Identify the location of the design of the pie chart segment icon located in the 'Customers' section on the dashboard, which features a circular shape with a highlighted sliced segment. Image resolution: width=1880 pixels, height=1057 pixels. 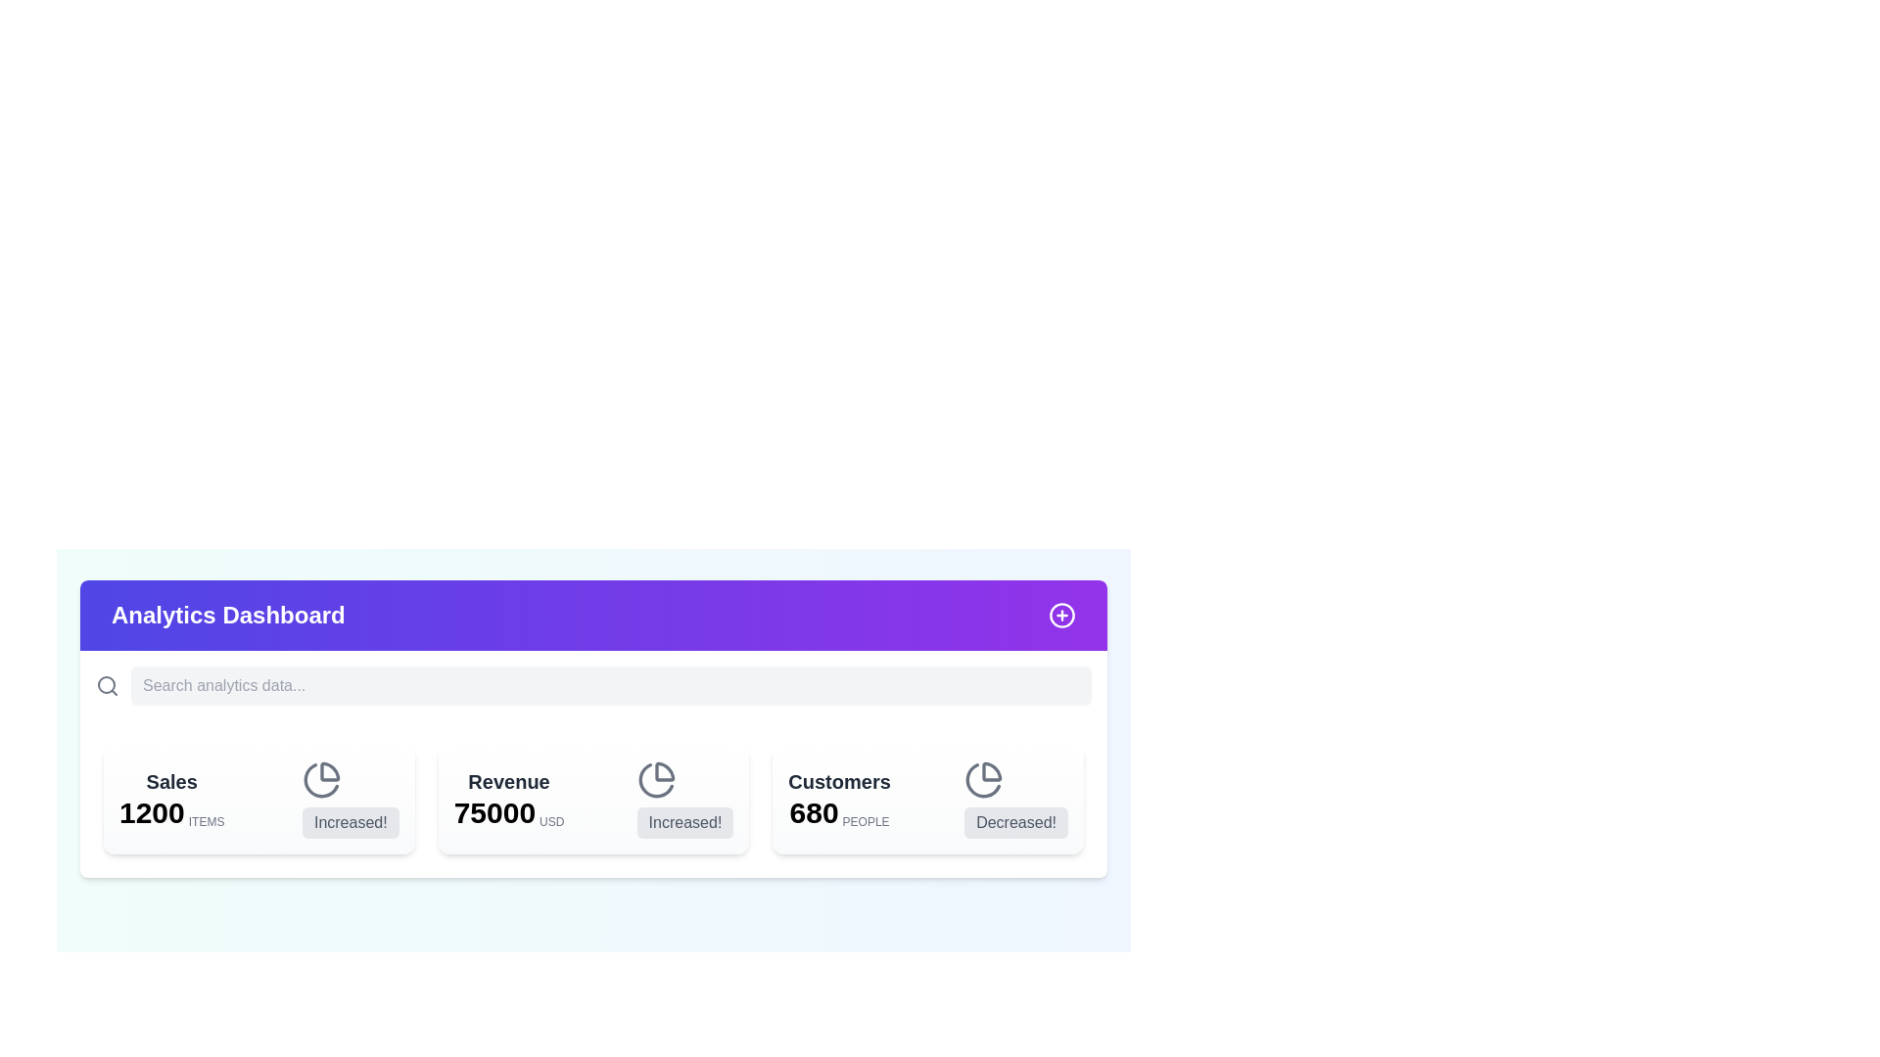
(664, 770).